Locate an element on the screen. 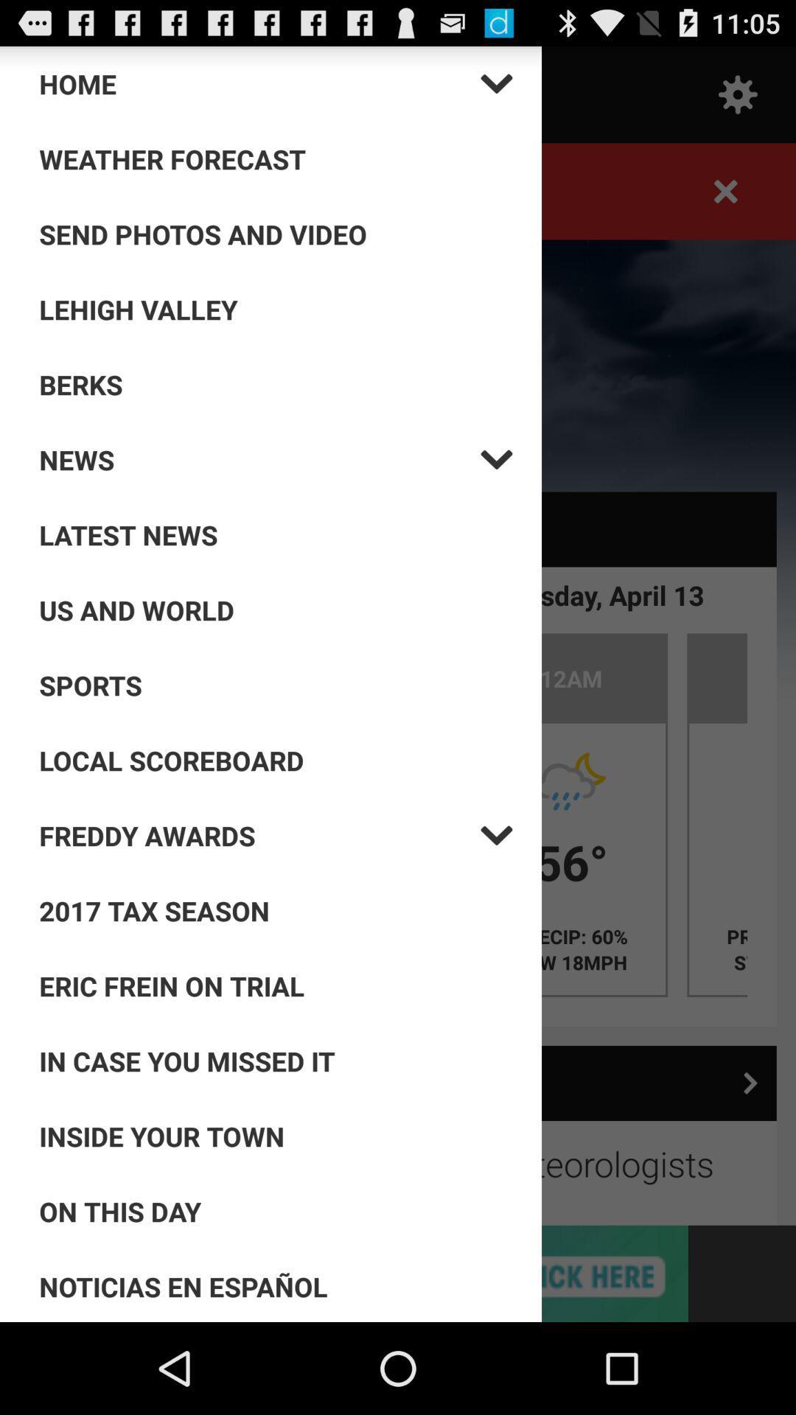  send photos and video is located at coordinates (276, 233).